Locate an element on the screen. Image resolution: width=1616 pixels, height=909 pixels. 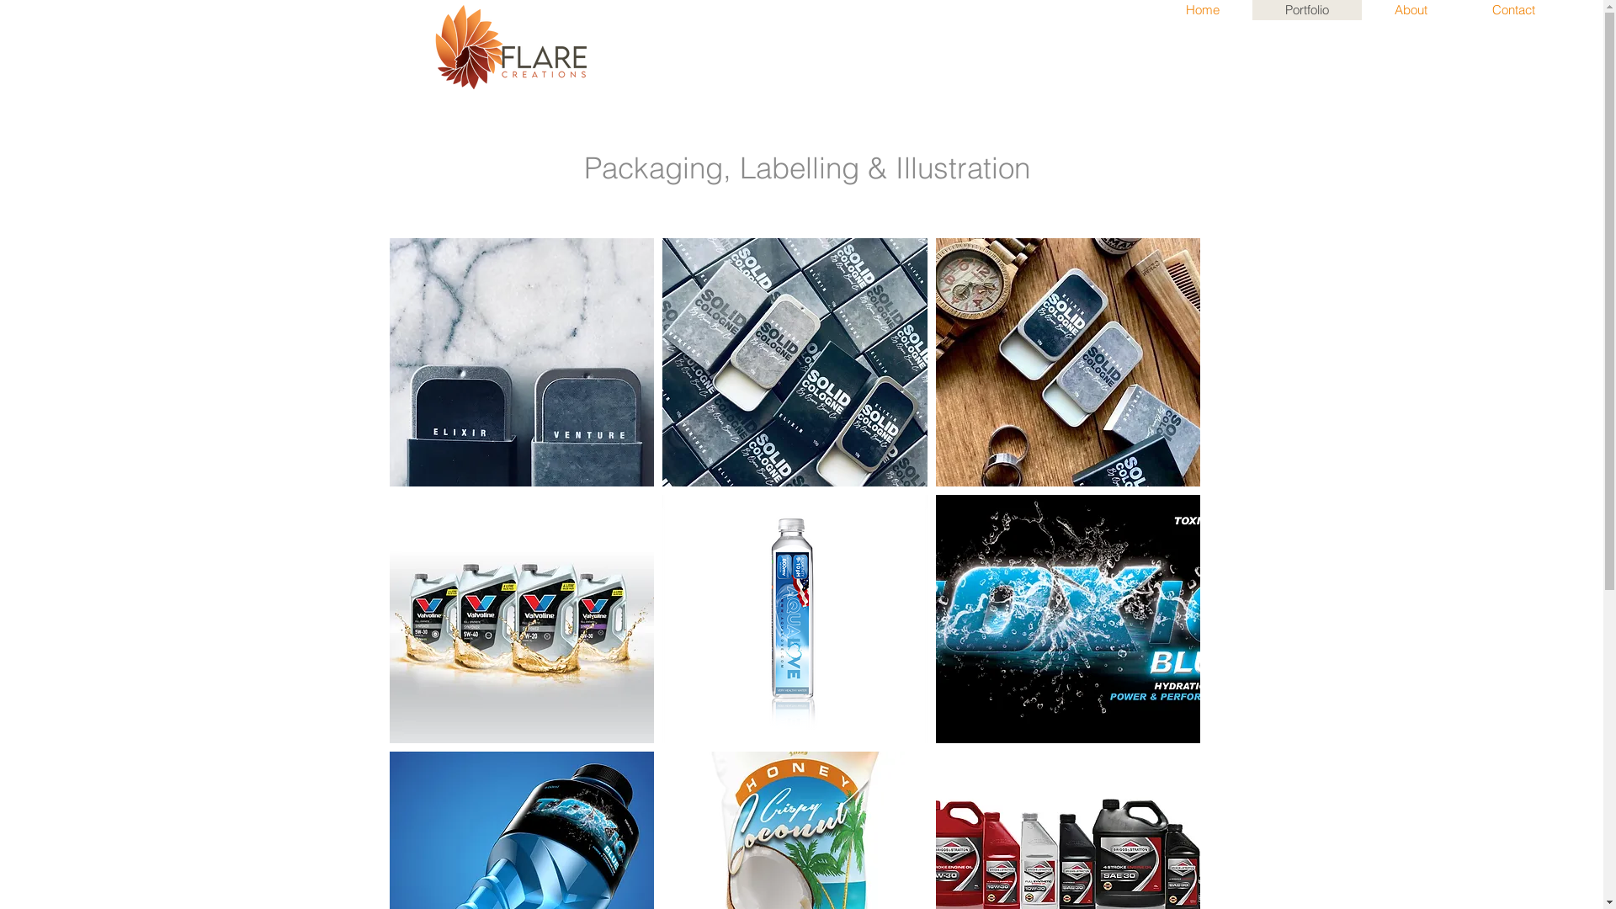
'Home' is located at coordinates (1201, 9).